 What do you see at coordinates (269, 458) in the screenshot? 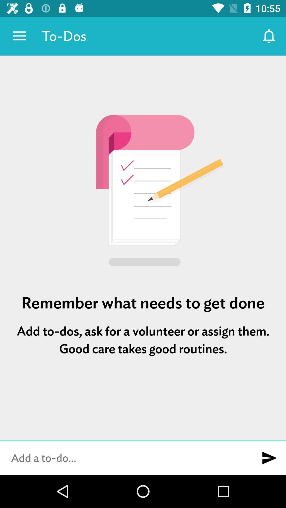
I see `new to-do item` at bounding box center [269, 458].